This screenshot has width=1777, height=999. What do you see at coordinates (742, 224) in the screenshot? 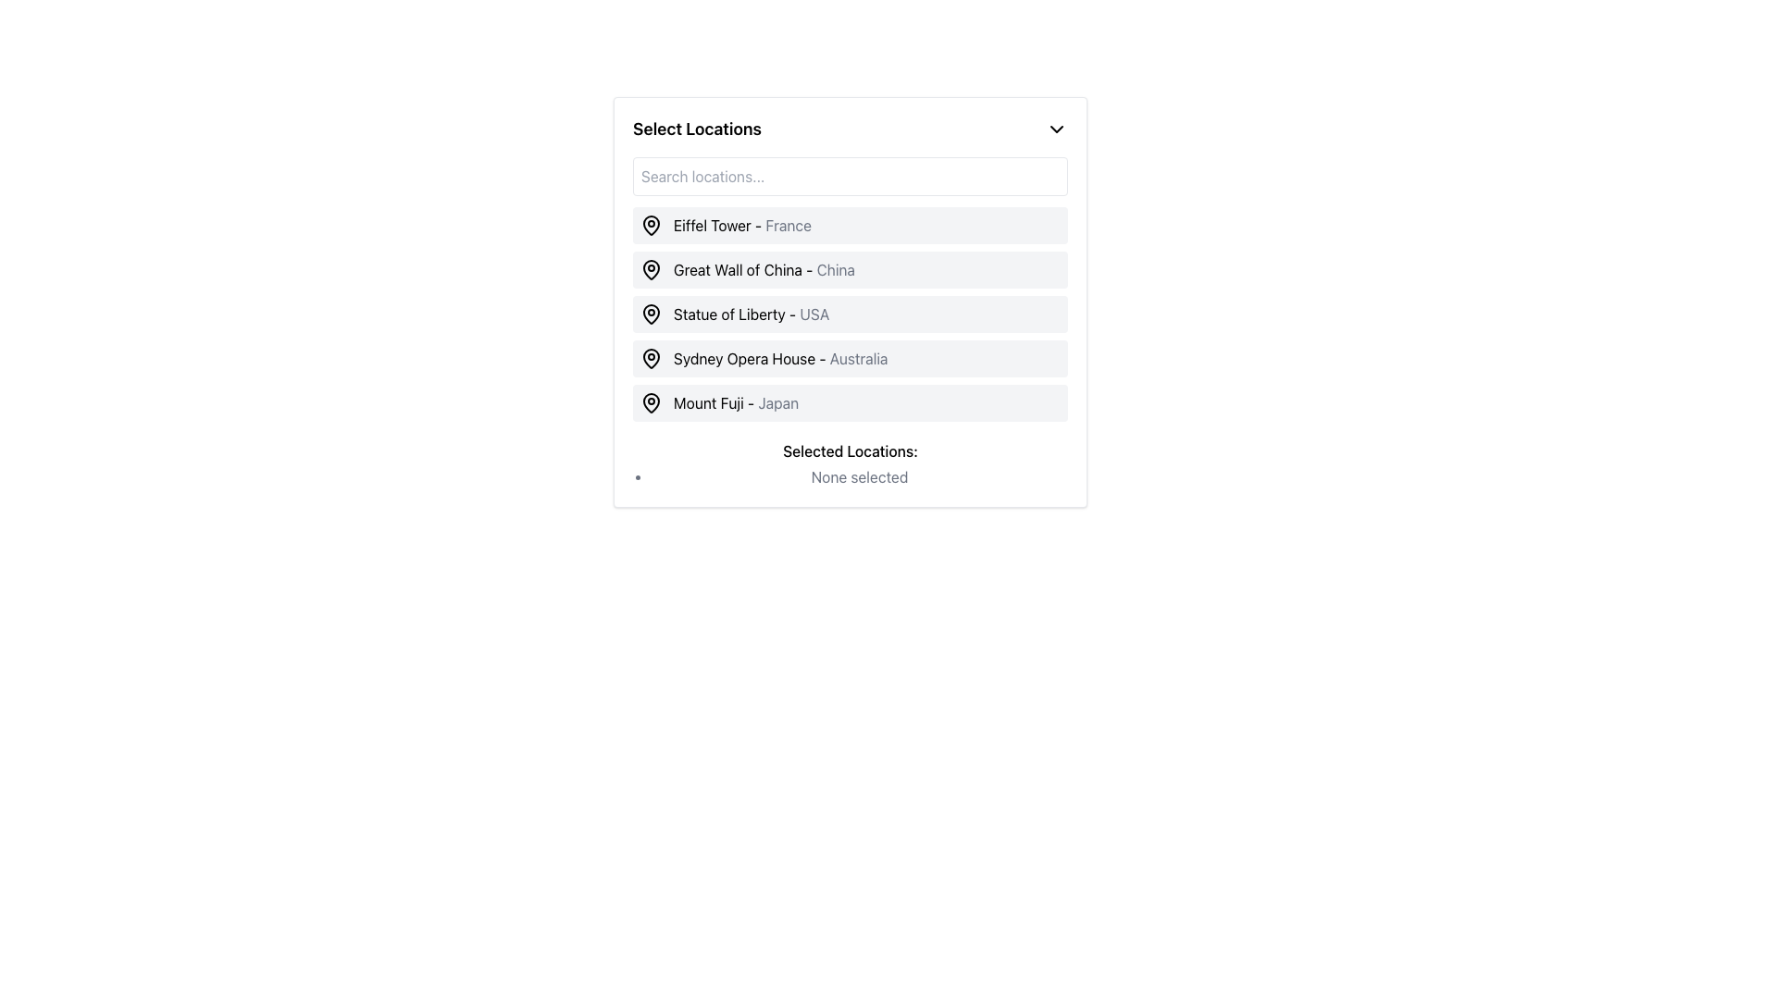
I see `the 'Eiffel Tower - France' selectable list item` at bounding box center [742, 224].